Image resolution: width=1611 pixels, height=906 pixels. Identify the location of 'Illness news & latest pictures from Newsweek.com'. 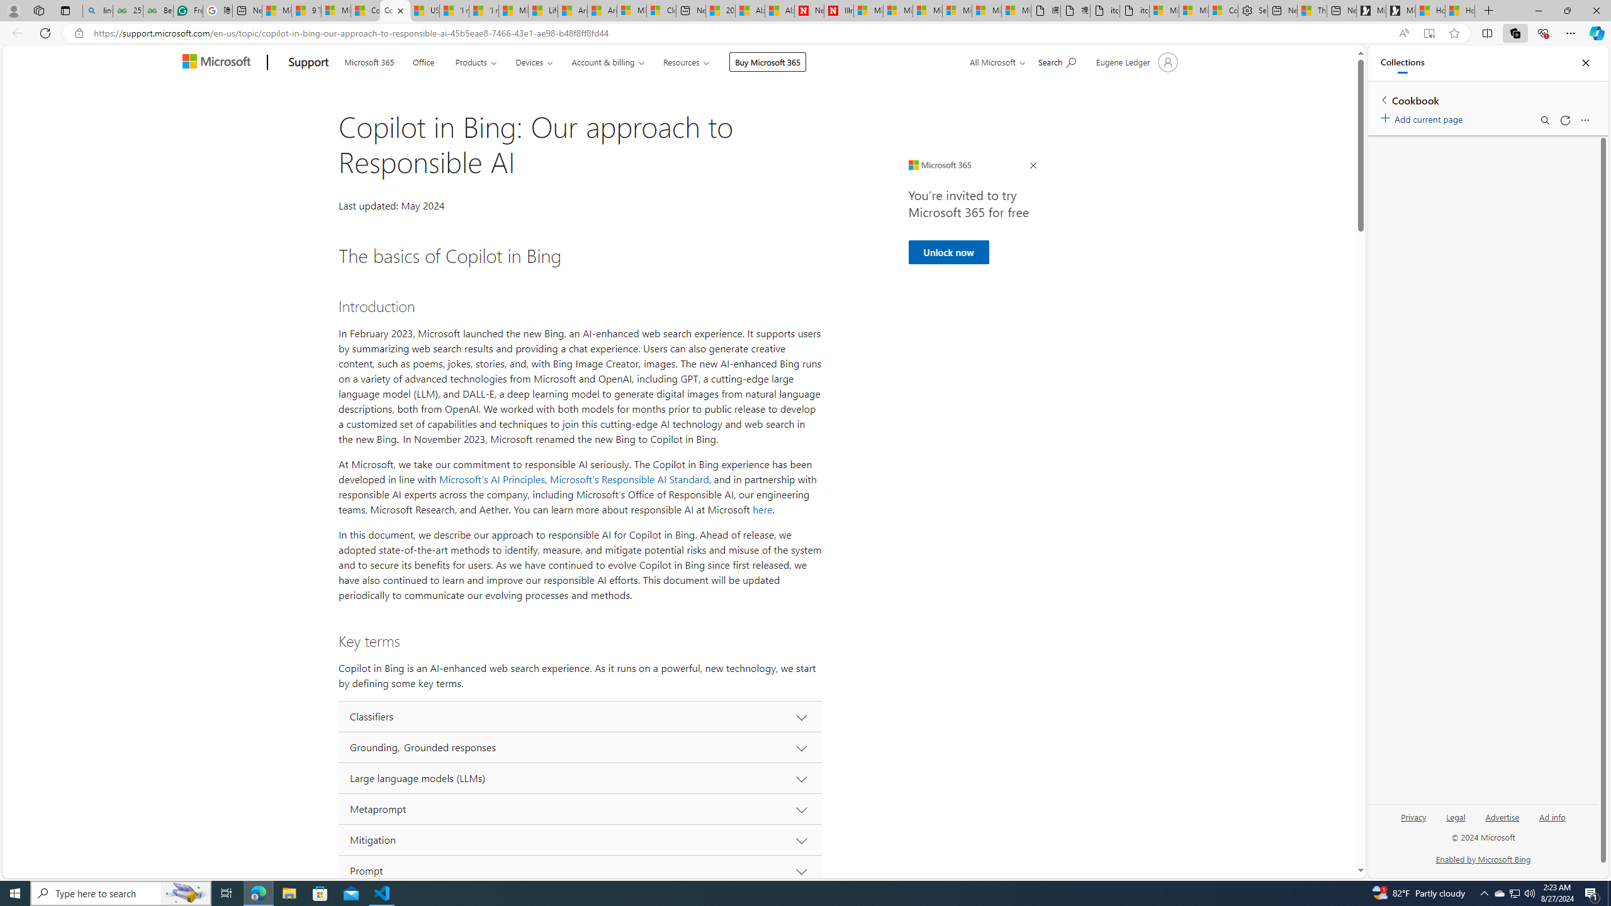
(838, 10).